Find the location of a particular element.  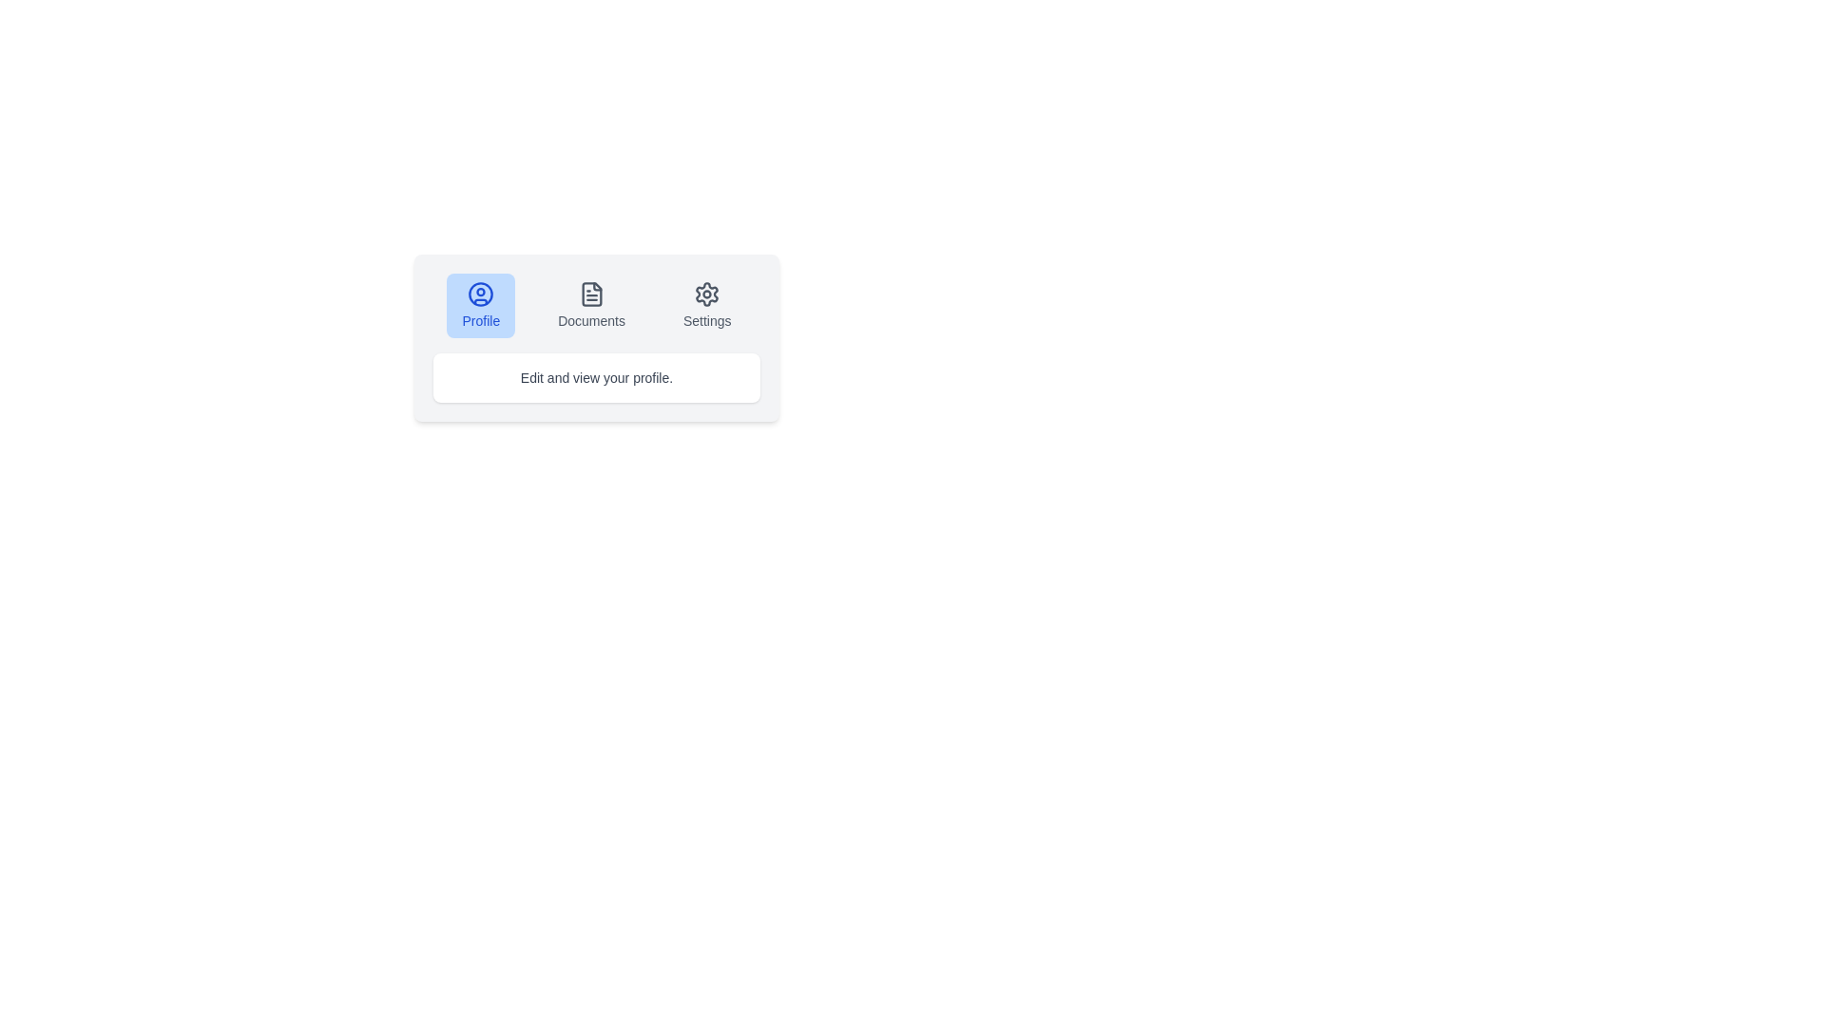

the 'Settings' button, which is a rectangular button with a cogwheel icon and the text 'Settings' below it, located in the bottom-right corner of the 'Settings' section is located at coordinates (706, 304).